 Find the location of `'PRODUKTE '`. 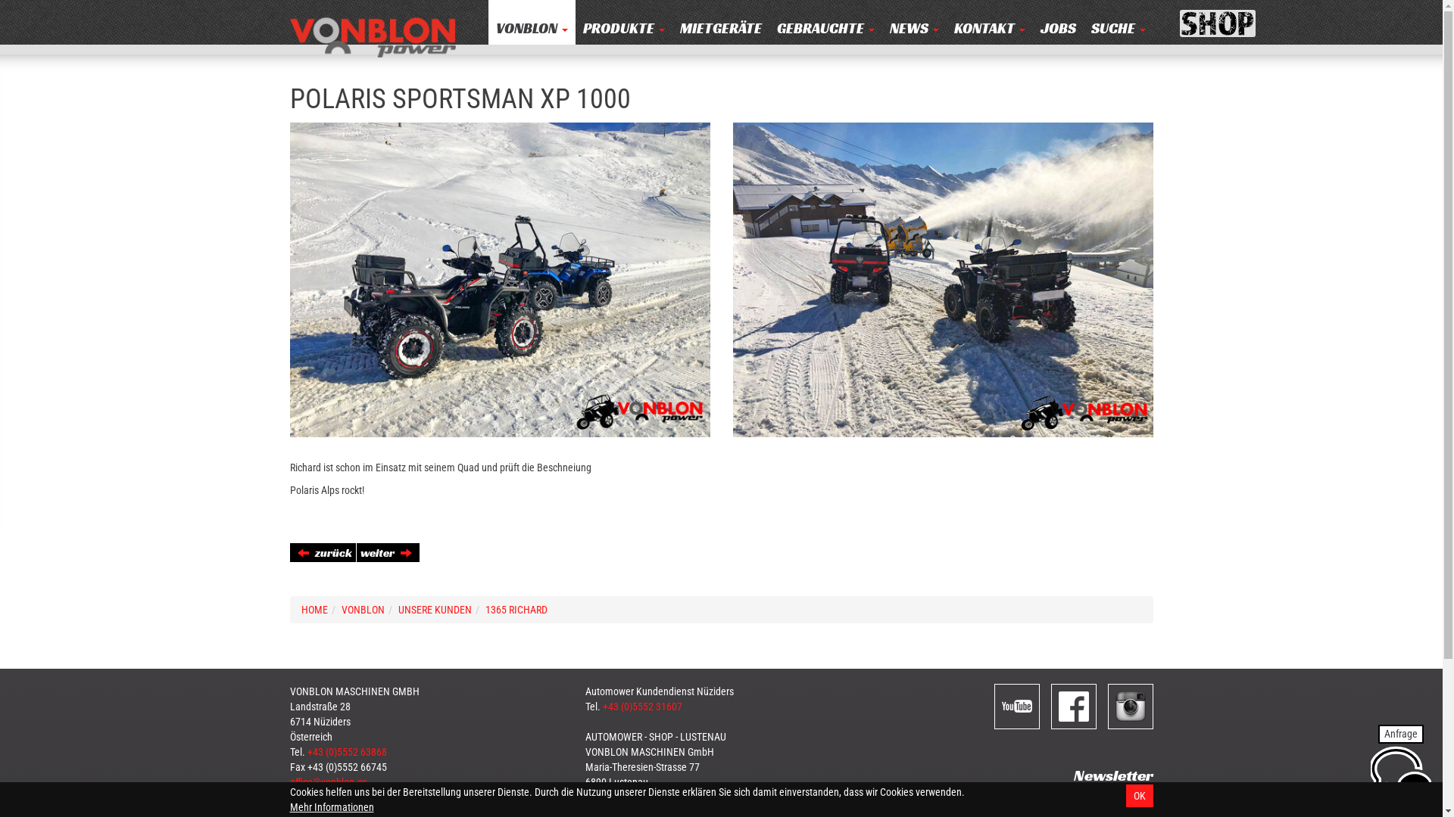

'PRODUKTE ' is located at coordinates (574, 22).